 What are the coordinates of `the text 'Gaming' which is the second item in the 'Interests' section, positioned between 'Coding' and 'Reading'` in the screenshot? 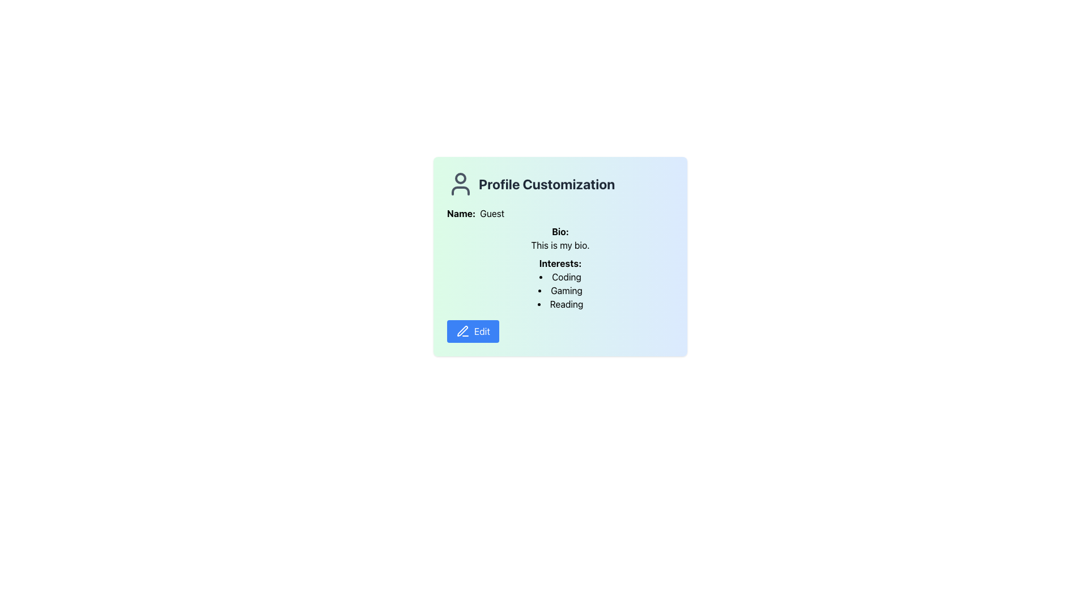 It's located at (560, 290).